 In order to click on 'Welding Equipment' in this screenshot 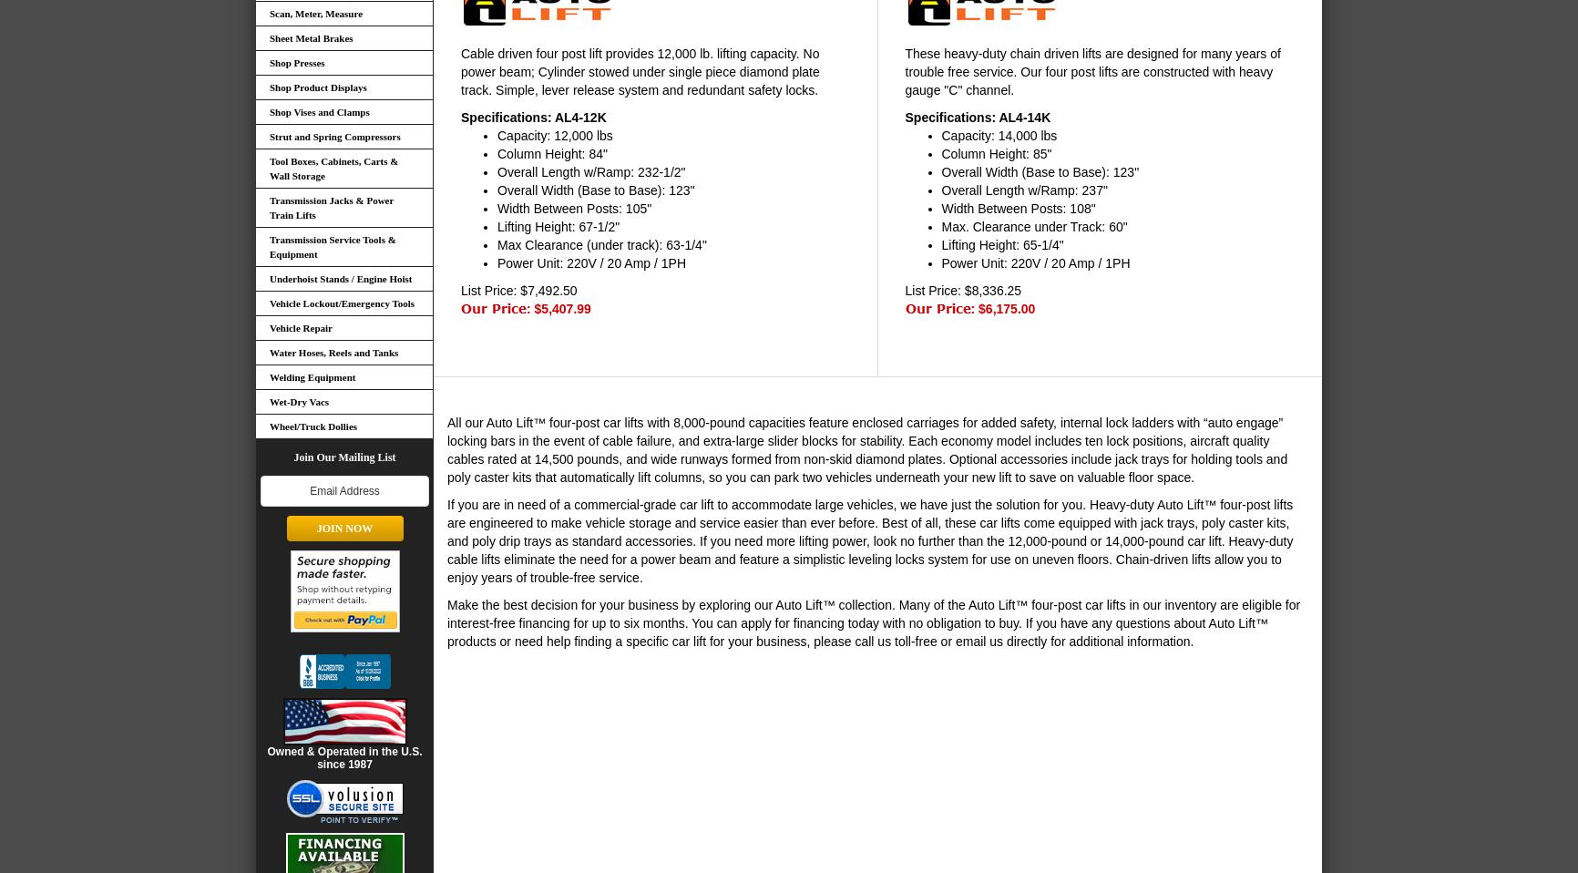, I will do `click(311, 377)`.